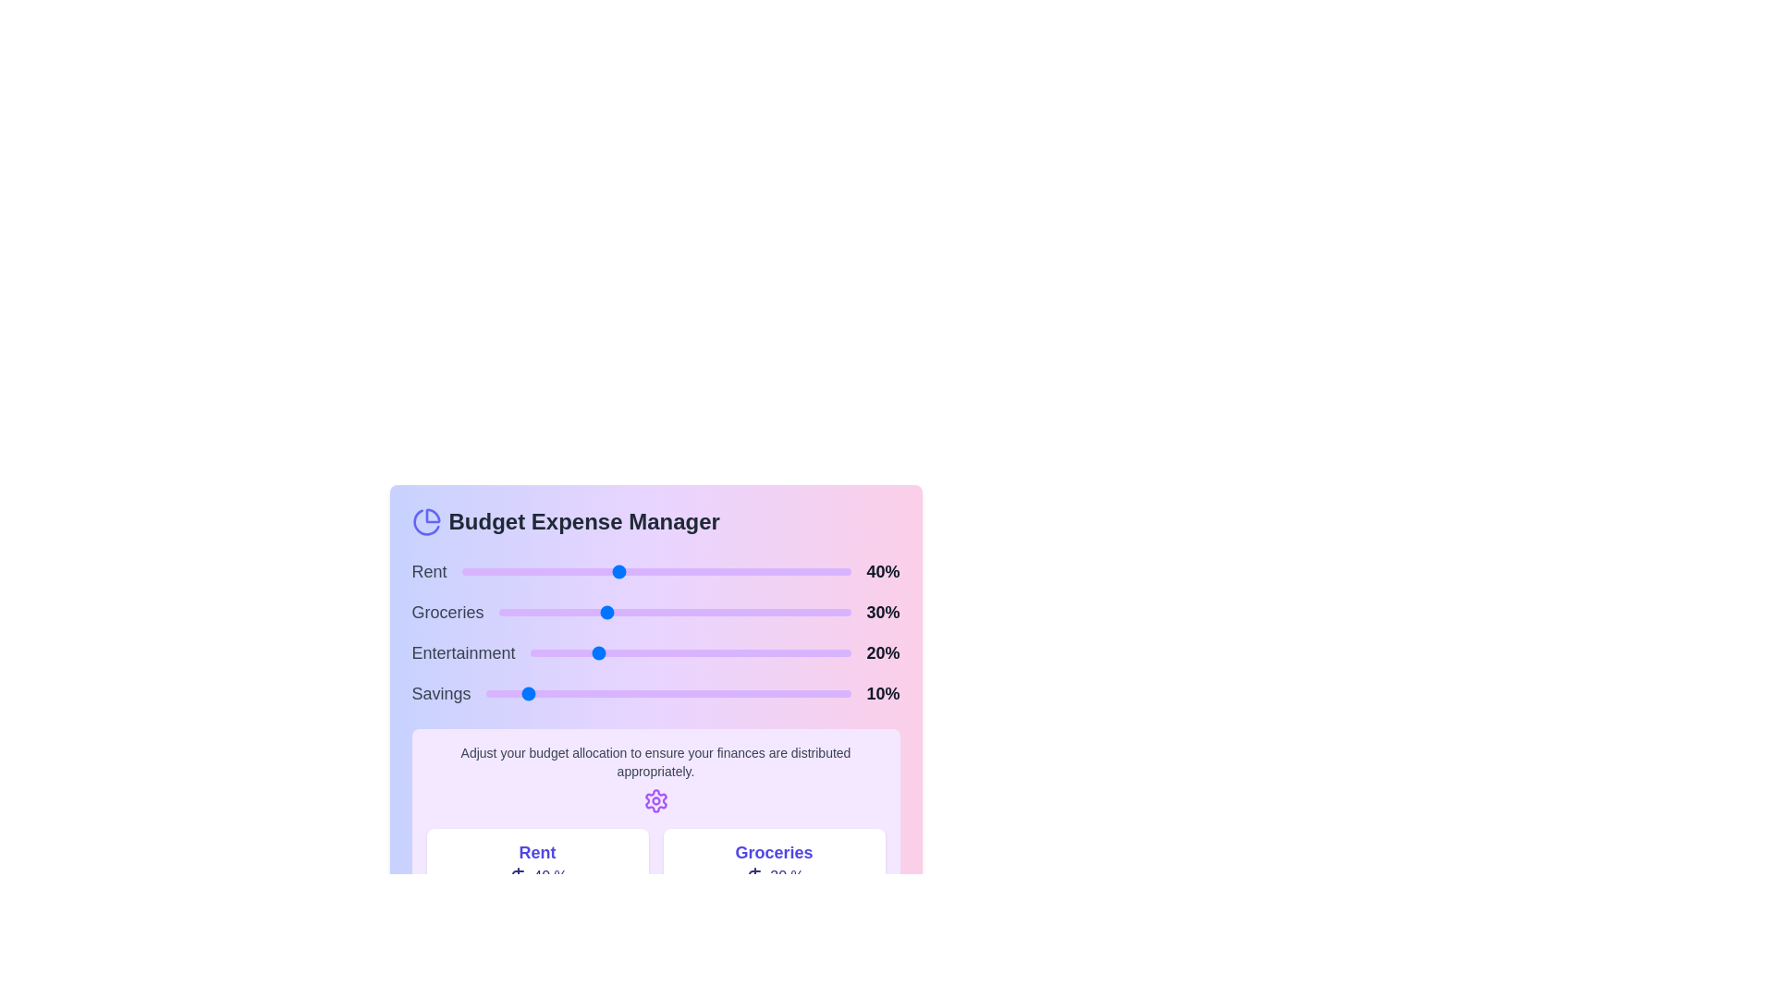 This screenshot has height=998, width=1775. Describe the element at coordinates (655, 800) in the screenshot. I see `the settings icon to open the settings menu` at that location.